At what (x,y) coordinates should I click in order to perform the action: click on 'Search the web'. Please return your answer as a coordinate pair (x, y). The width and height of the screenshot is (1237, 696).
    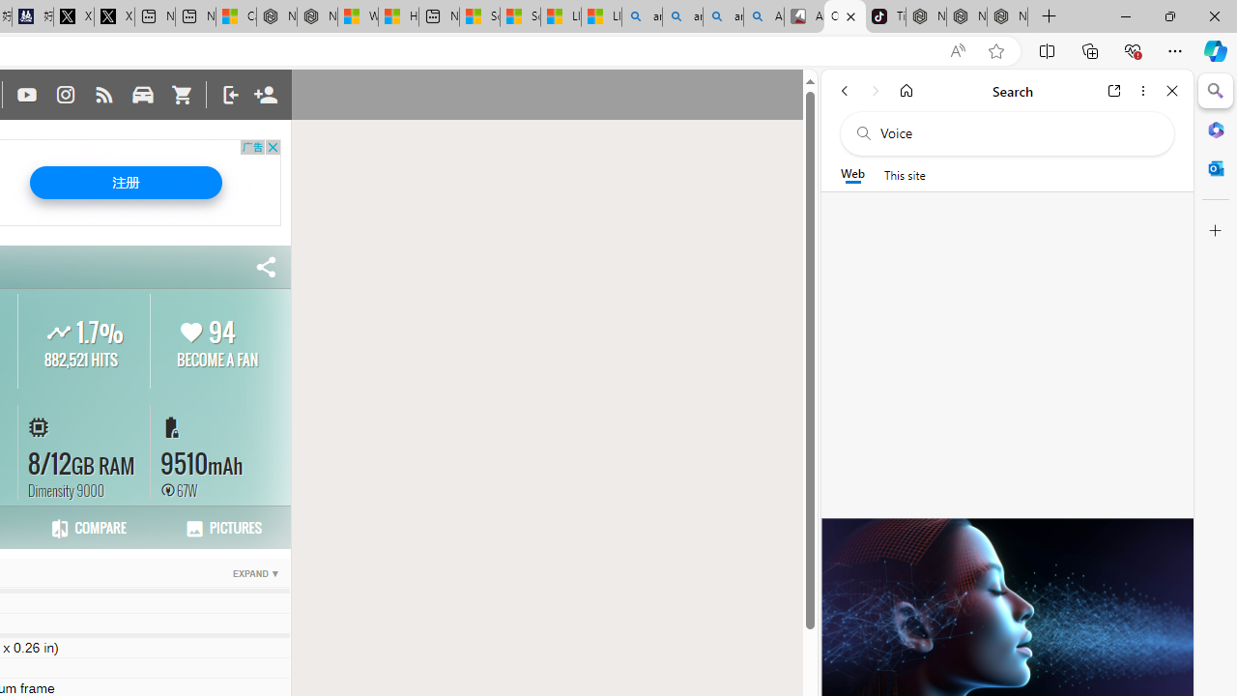
    Looking at the image, I should click on (1016, 132).